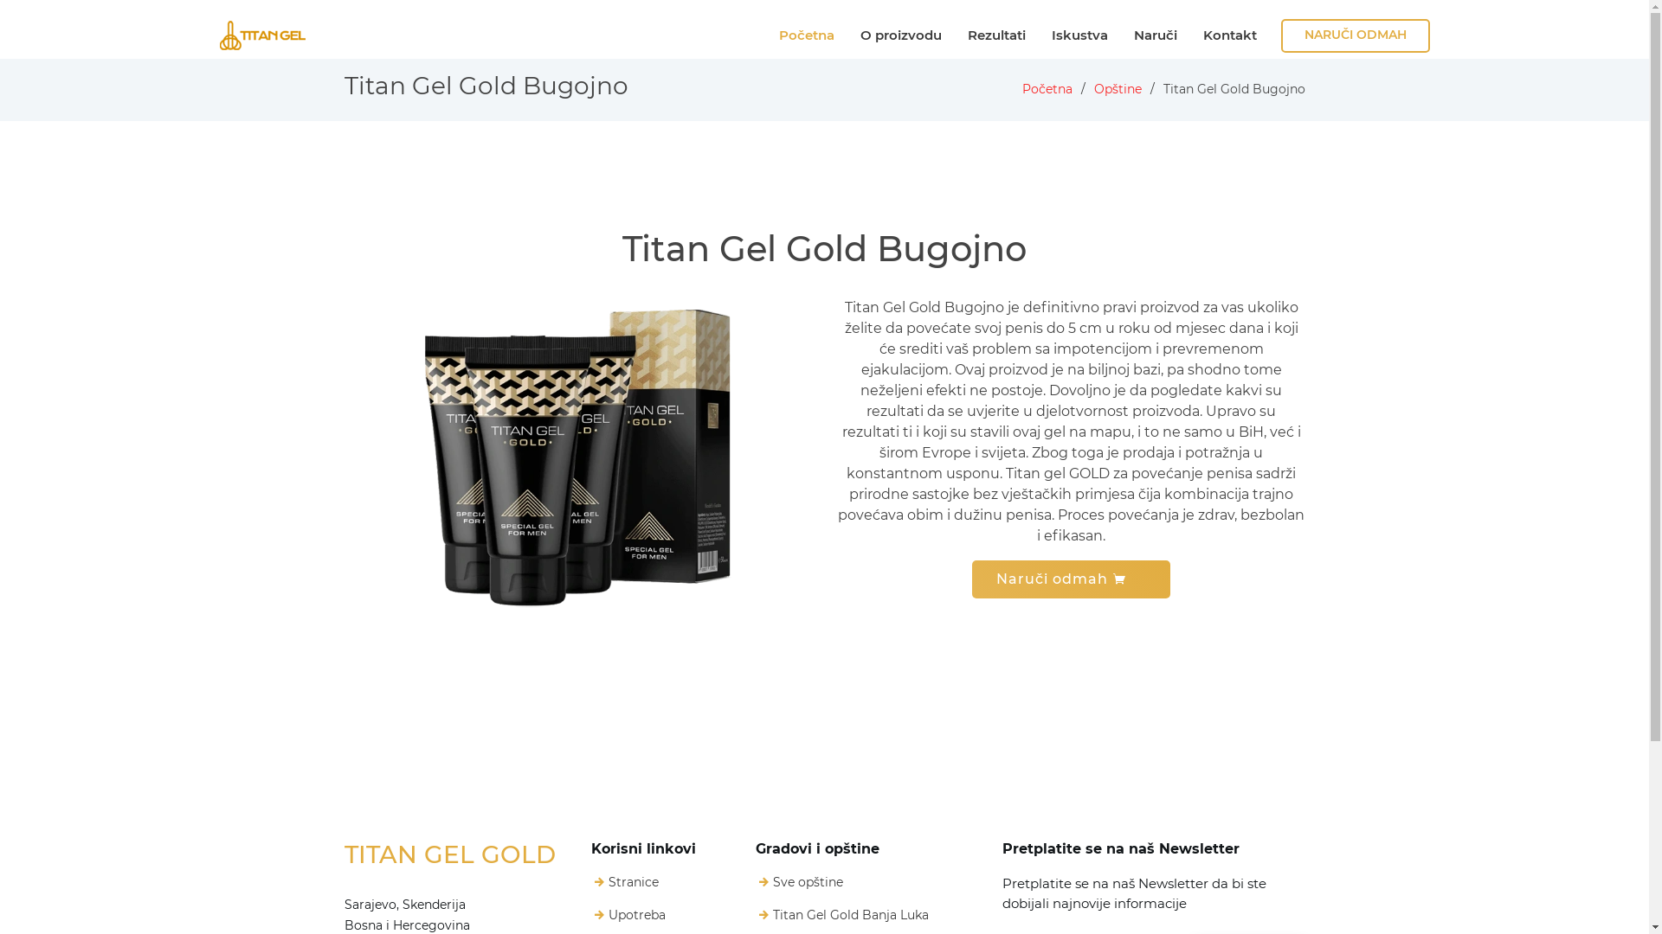  I want to click on 'Stranice', so click(631, 881).